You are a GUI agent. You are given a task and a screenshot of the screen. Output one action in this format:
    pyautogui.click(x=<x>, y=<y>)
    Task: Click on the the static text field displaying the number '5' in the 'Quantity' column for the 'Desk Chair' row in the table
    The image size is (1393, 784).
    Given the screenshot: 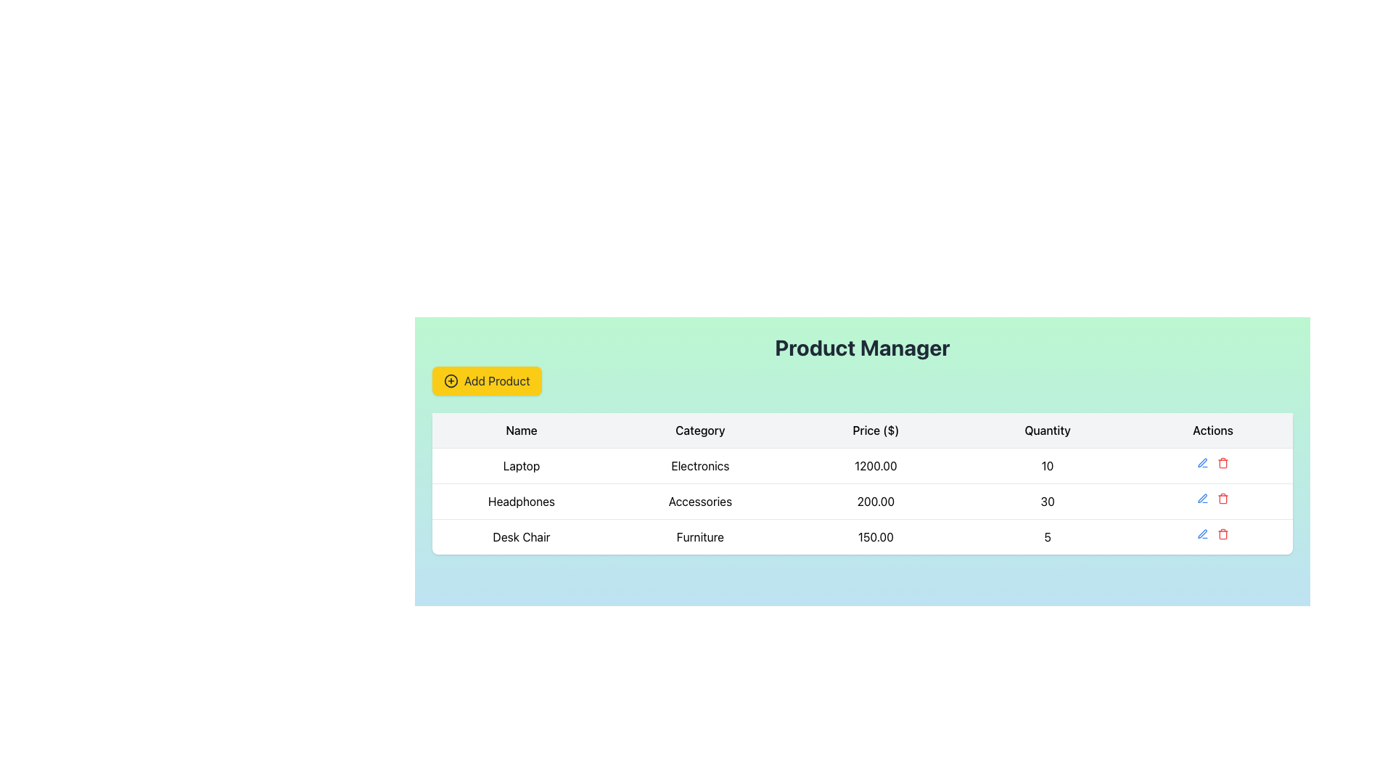 What is the action you would take?
    pyautogui.click(x=1048, y=536)
    